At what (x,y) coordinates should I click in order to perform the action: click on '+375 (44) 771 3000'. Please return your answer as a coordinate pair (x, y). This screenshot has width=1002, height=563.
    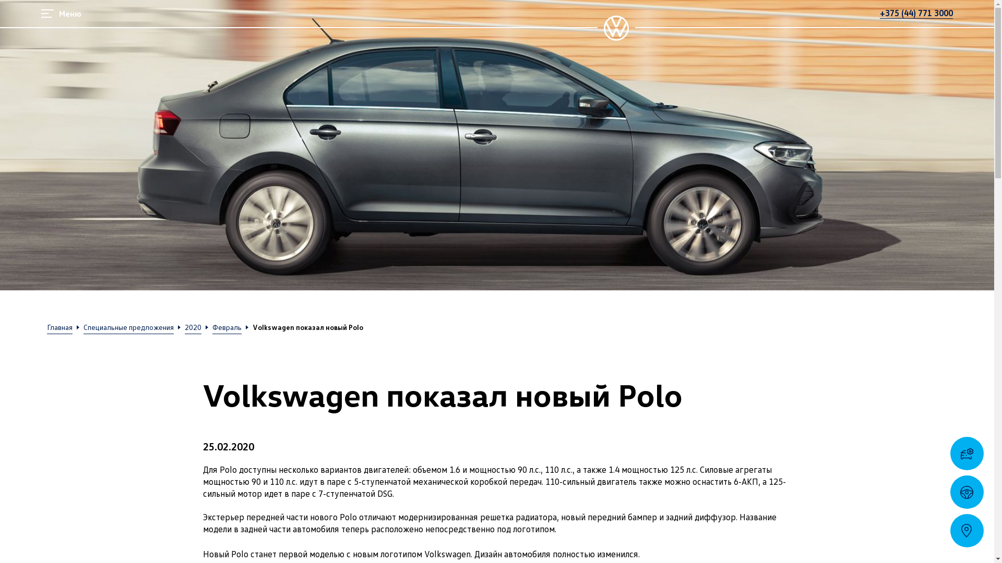
    Looking at the image, I should click on (916, 13).